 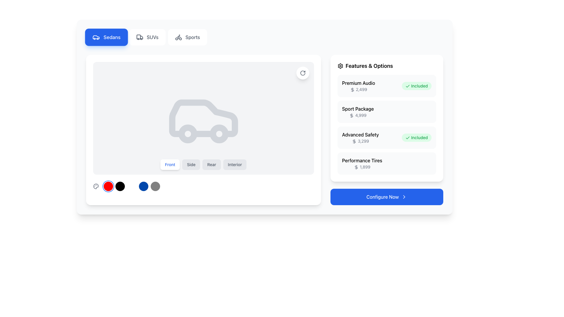 I want to click on the 'Configure Now' button, which is a rectangular button with a blue background and white text, located at the bottom of the 'Features & Options' card section, so click(x=387, y=197).